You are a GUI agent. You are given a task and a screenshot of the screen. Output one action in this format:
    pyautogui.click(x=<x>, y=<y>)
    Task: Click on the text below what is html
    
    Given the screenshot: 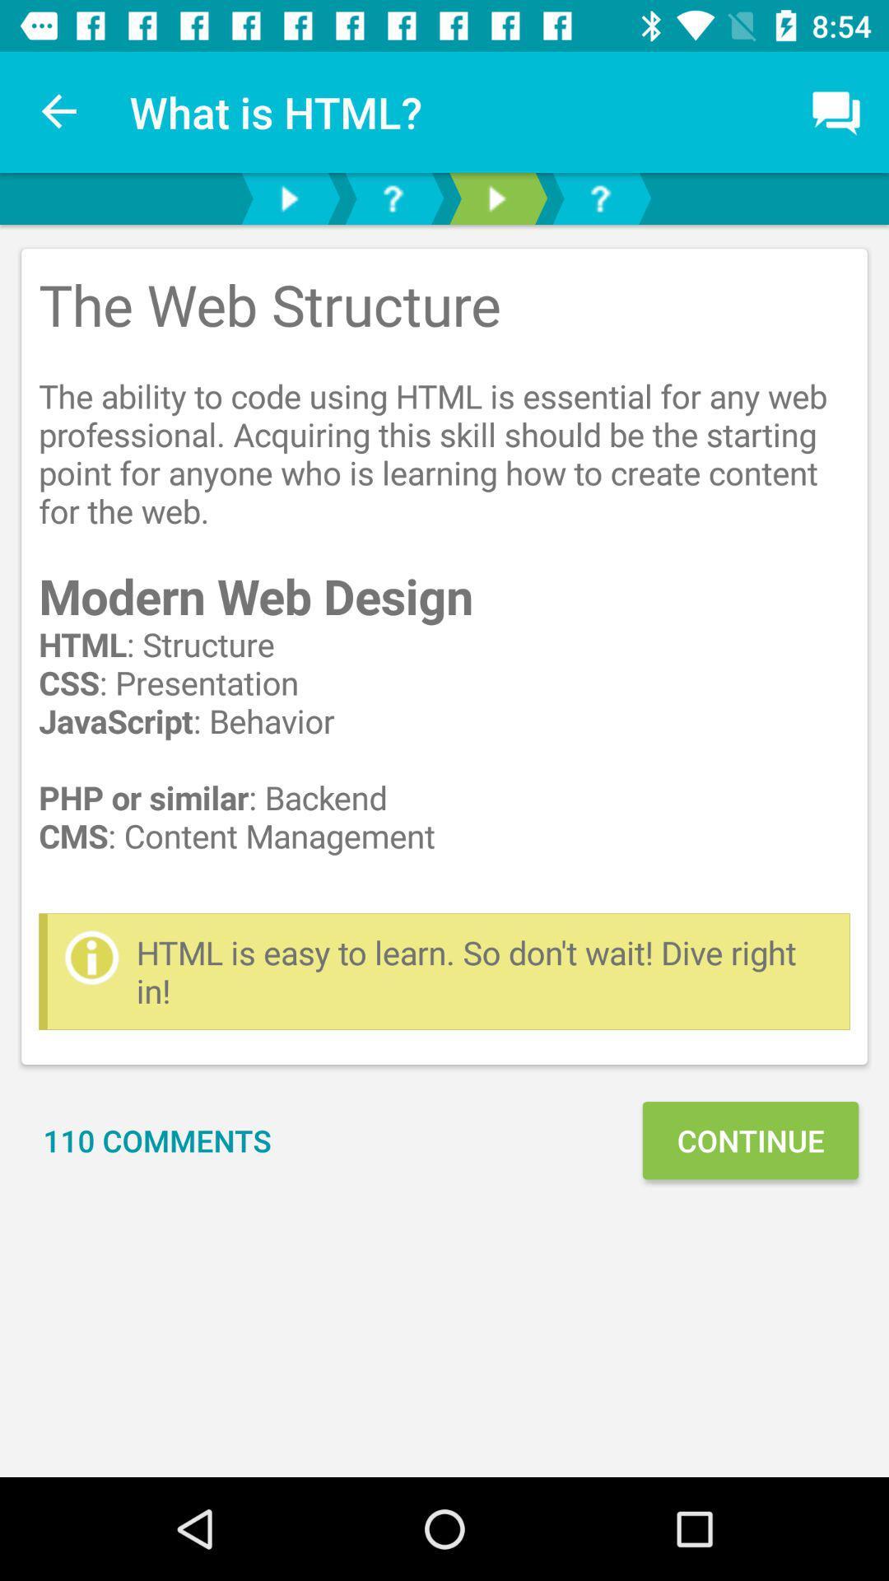 What is the action you would take?
    pyautogui.click(x=444, y=655)
    